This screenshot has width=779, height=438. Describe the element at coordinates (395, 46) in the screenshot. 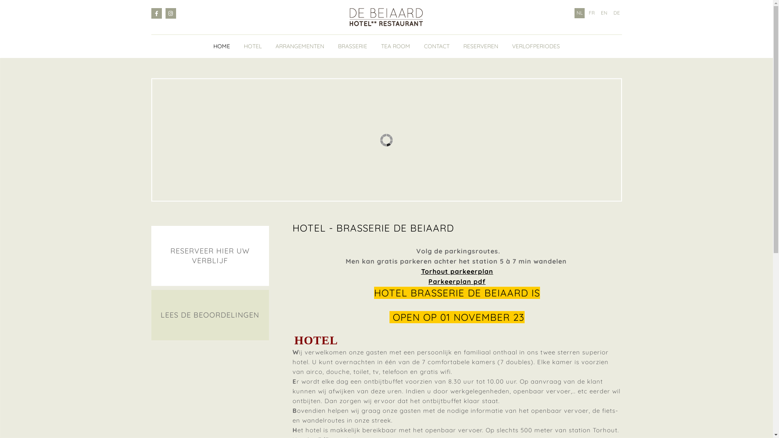

I see `'TEA ROOM'` at that location.